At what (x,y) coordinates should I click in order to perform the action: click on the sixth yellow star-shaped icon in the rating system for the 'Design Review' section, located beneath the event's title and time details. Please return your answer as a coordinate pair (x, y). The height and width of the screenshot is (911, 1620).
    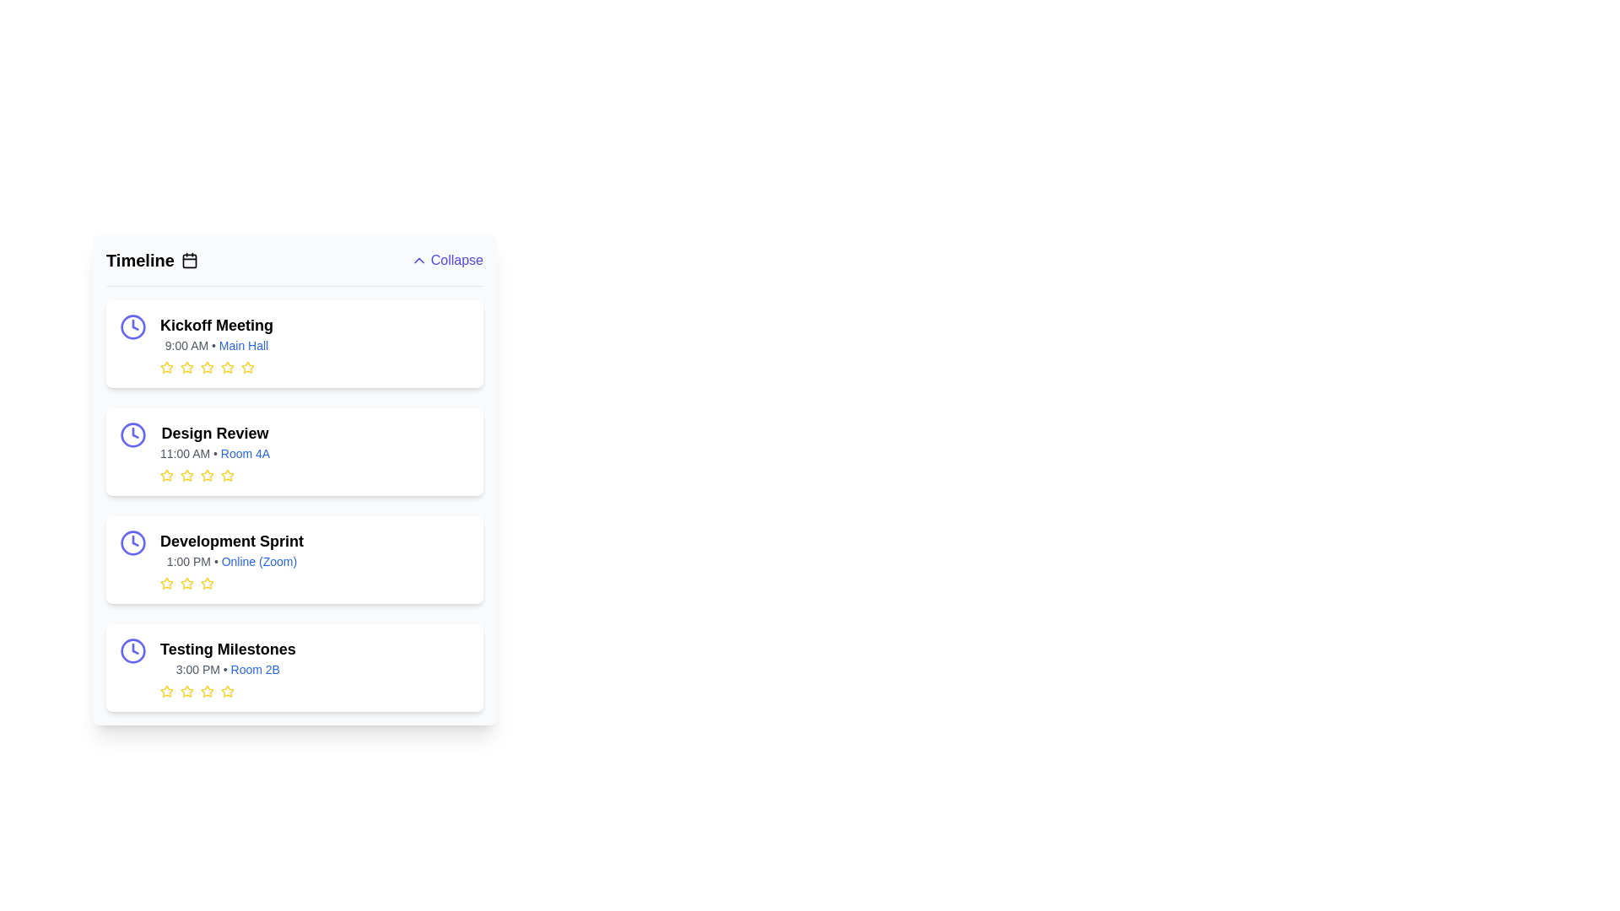
    Looking at the image, I should click on (226, 475).